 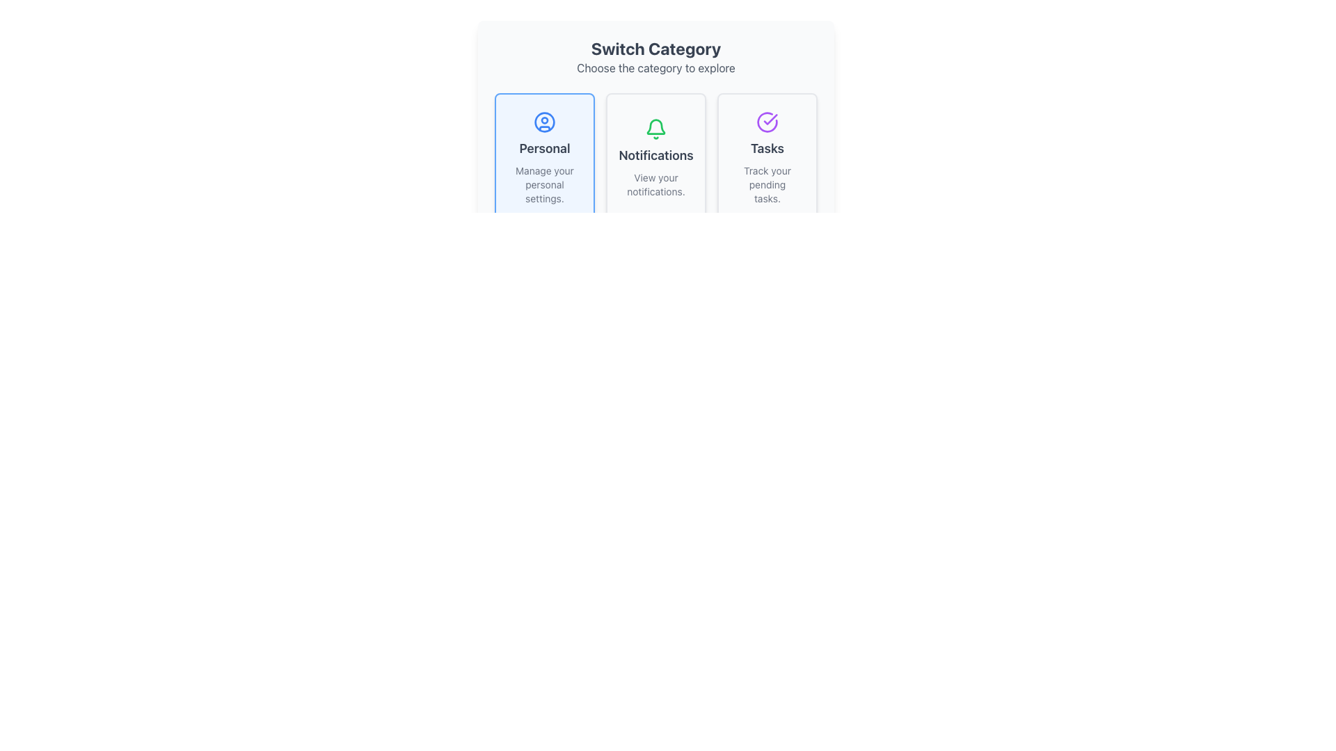 What do you see at coordinates (767, 184) in the screenshot?
I see `the text label that says 'Track your pending tasks.' located in the 'Tasks' card, which is the second element beneath a purple checkmark icon` at bounding box center [767, 184].